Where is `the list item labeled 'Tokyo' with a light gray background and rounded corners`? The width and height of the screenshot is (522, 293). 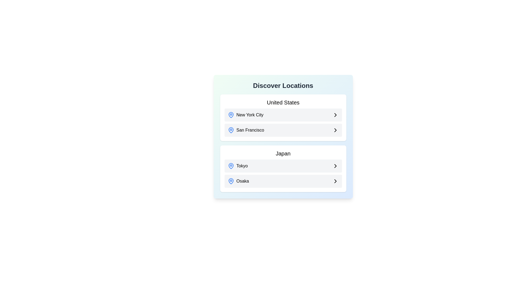 the list item labeled 'Tokyo' with a light gray background and rounded corners is located at coordinates (283, 166).